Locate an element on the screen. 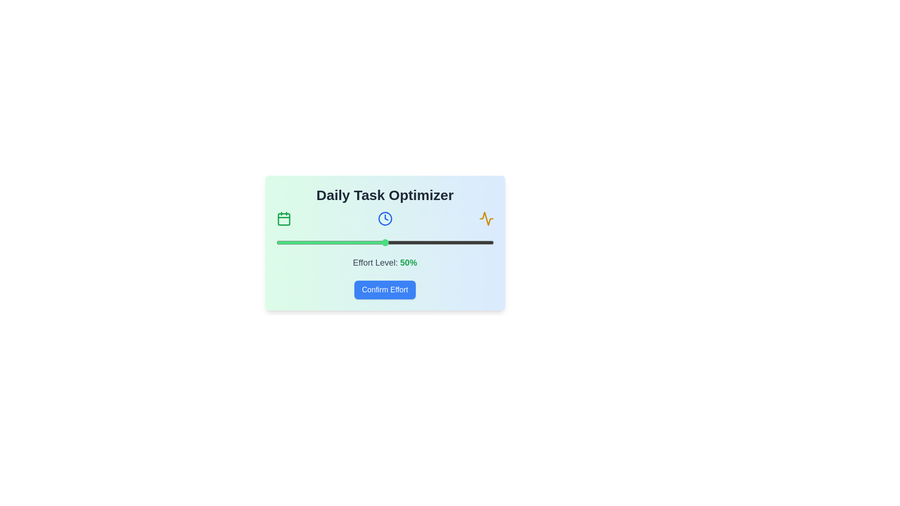 This screenshot has width=900, height=506. the effort level to 74% by interacting with the slider is located at coordinates (436, 242).